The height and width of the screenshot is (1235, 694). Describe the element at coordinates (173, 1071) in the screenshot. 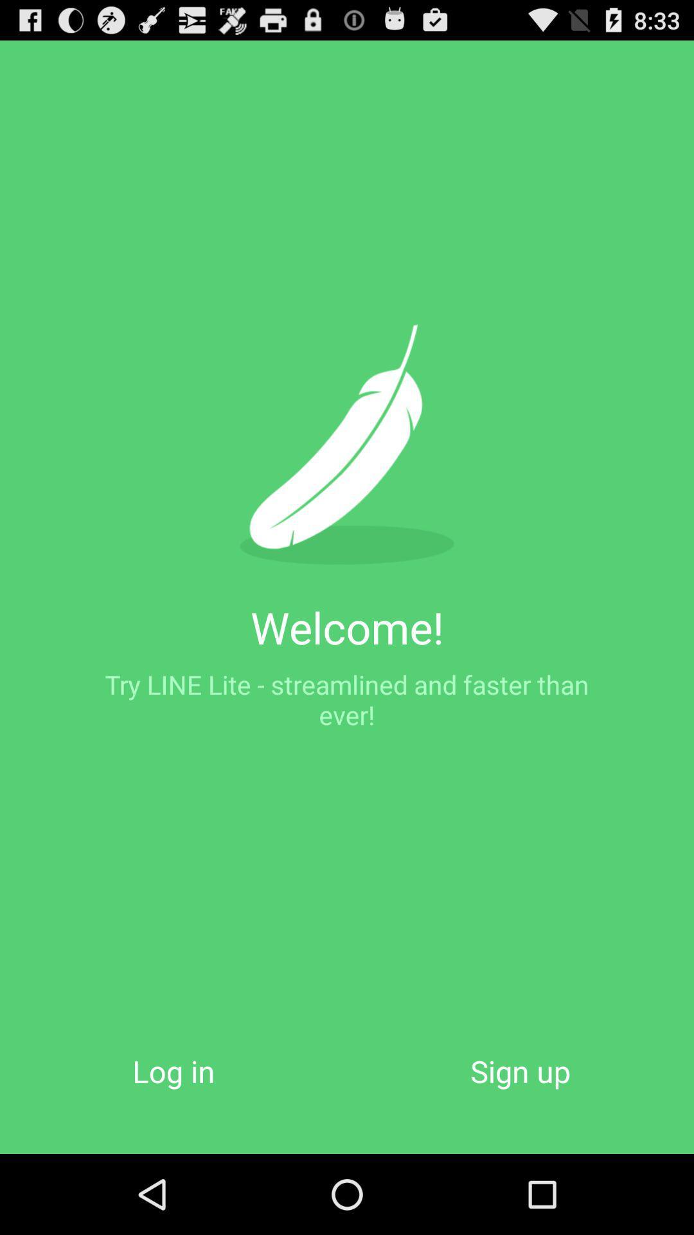

I see `the icon next to sign up item` at that location.